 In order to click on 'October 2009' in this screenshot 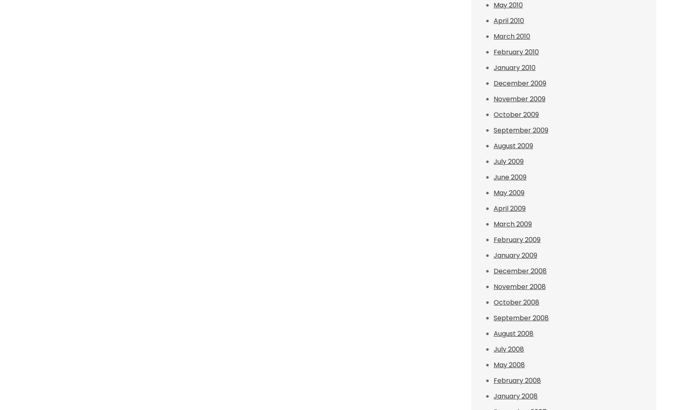, I will do `click(516, 114)`.